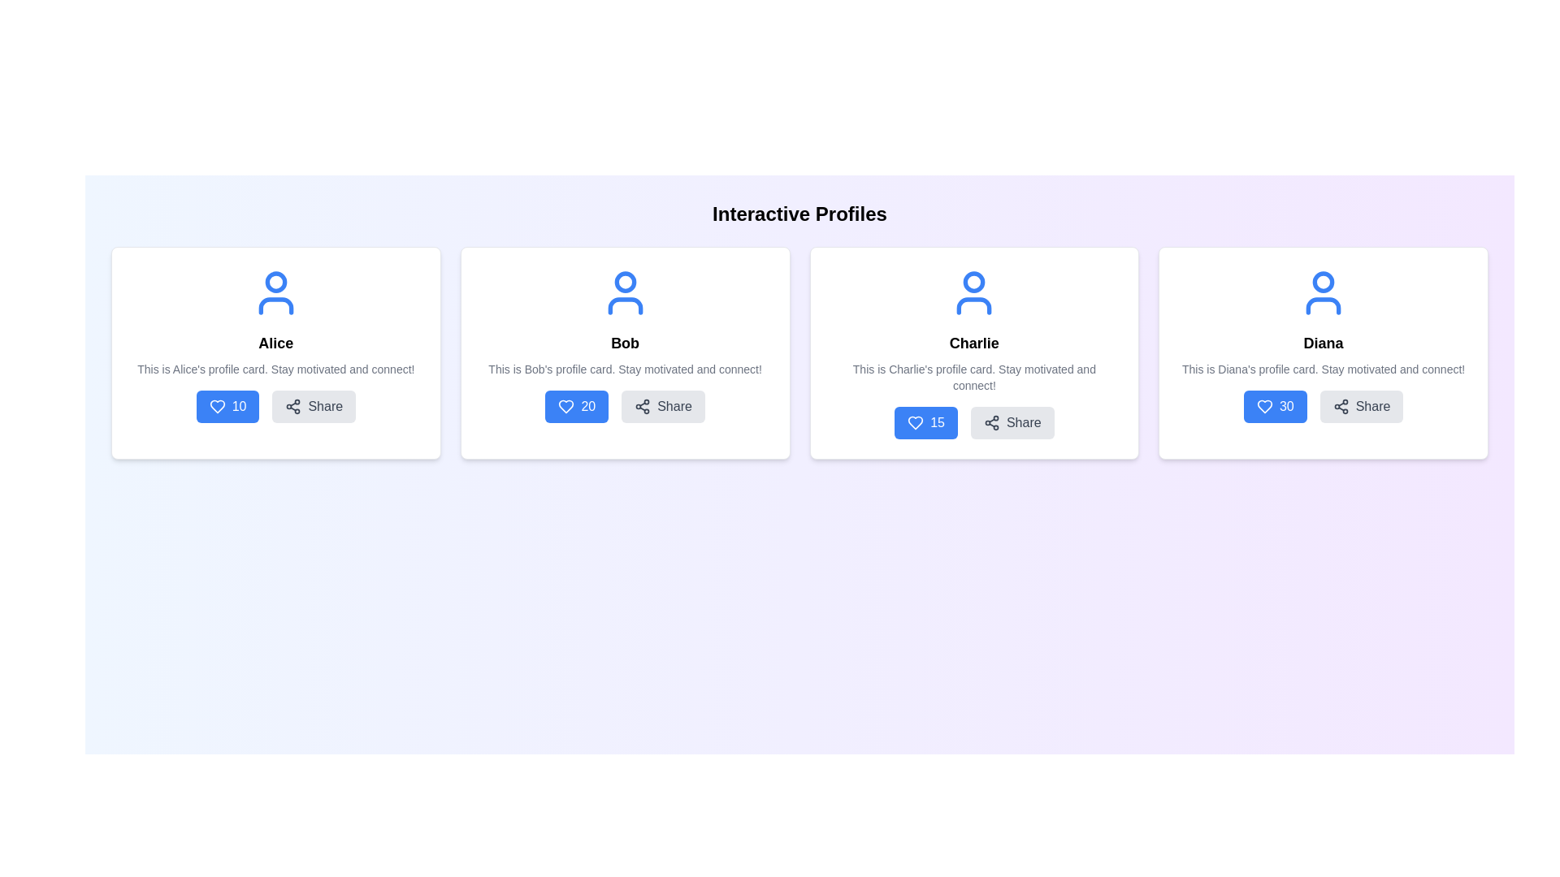 This screenshot has height=877, width=1560. I want to click on the text block containing the phrase "This is Bob's profile card. Stay motivated and connect!" which is styled with gray color and small font size, located below the name 'Bob' in the second profile card, so click(624, 369).